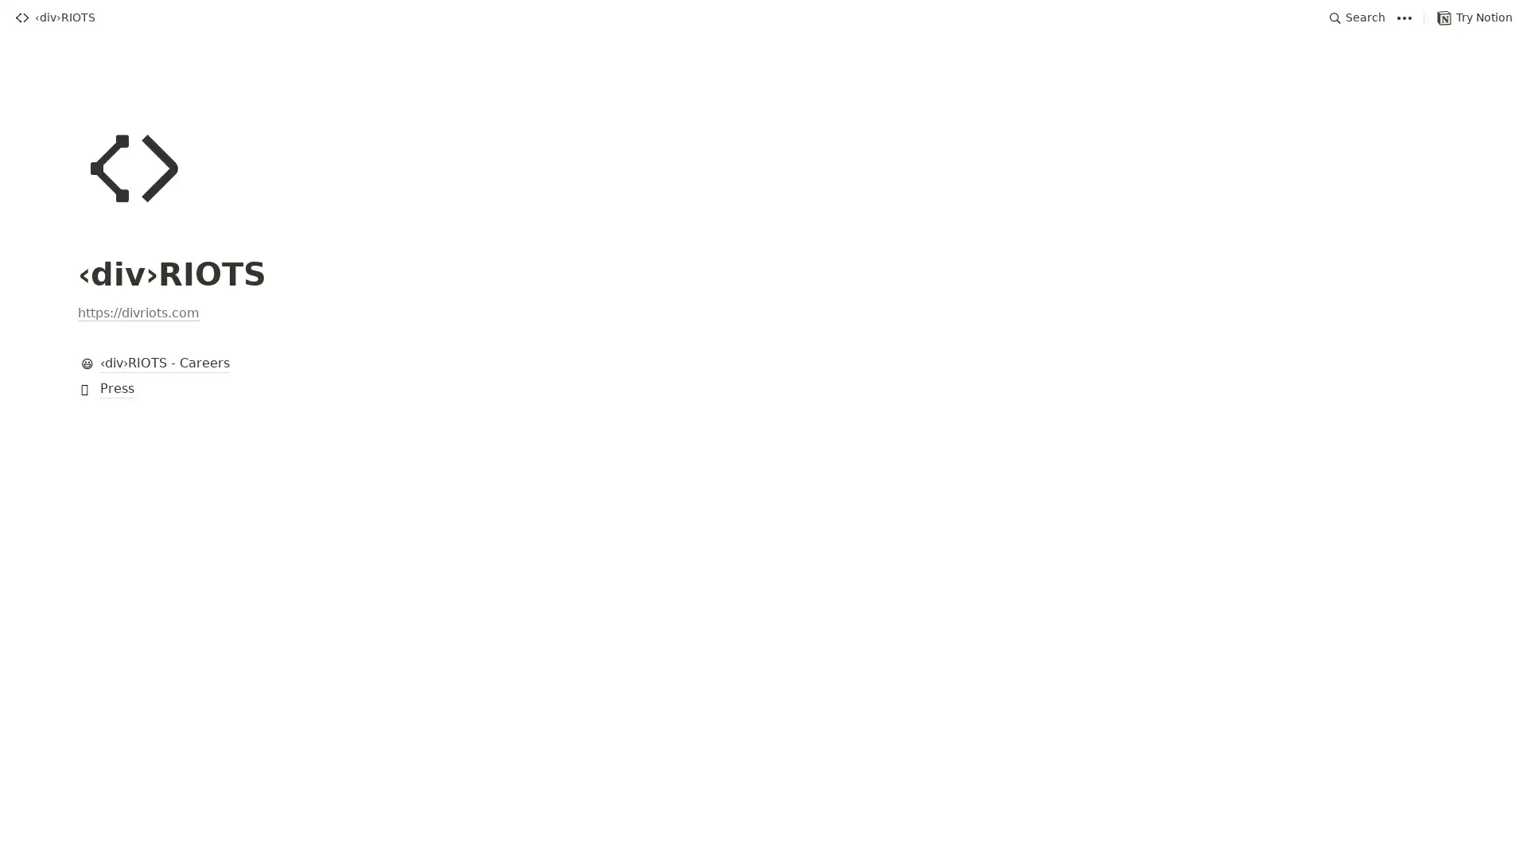 The width and height of the screenshot is (1527, 859). I want to click on Press, so click(763, 389).